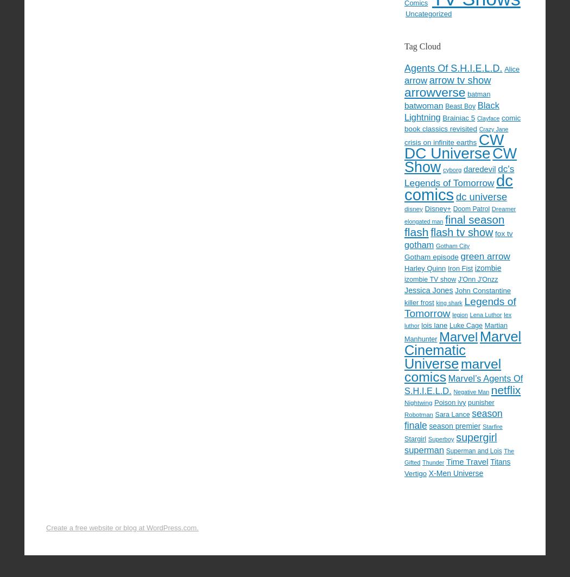 The width and height of the screenshot is (570, 577). I want to click on 'superman', so click(403, 448).